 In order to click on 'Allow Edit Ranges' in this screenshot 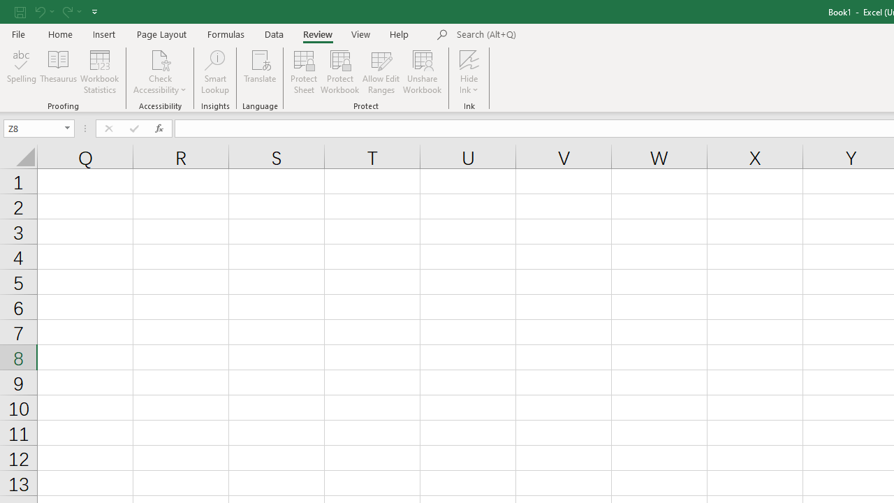, I will do `click(381, 72)`.